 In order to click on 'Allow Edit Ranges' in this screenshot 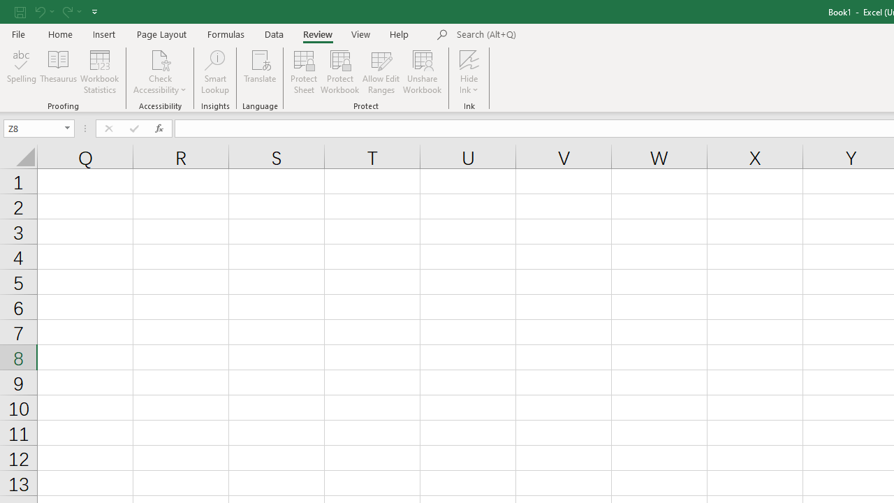, I will do `click(381, 72)`.